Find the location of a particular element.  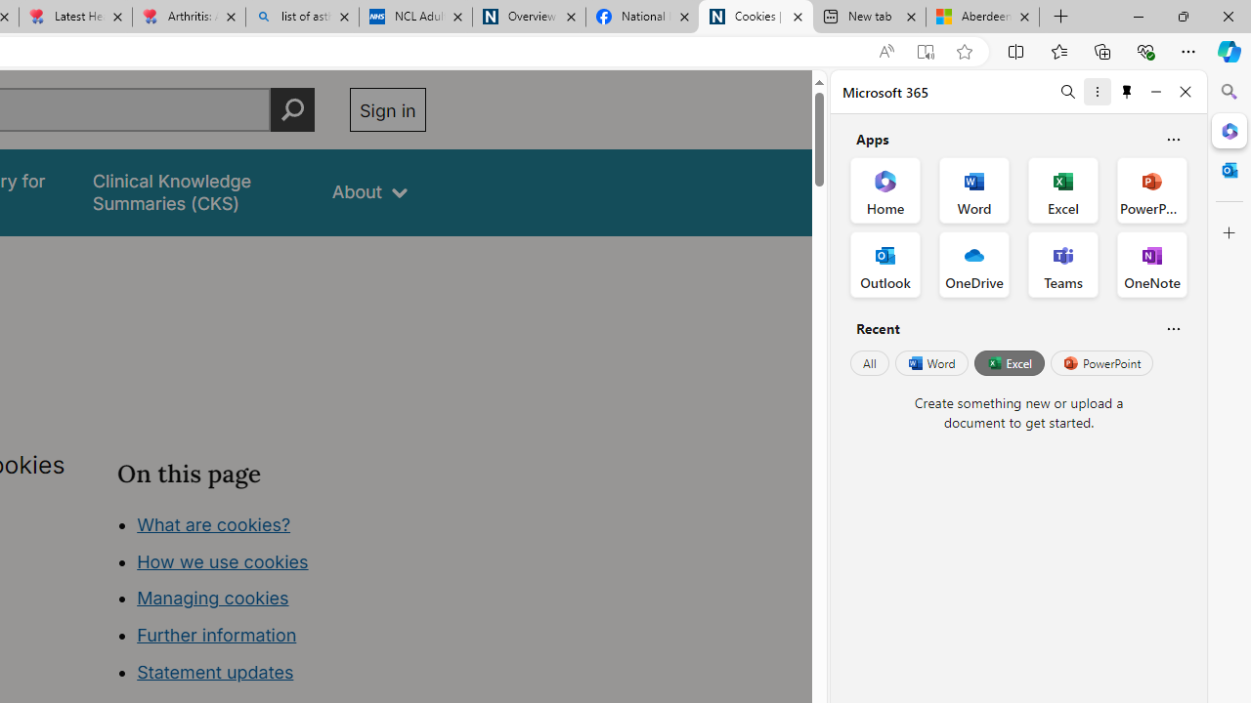

'Teams Office App' is located at coordinates (1062, 265).